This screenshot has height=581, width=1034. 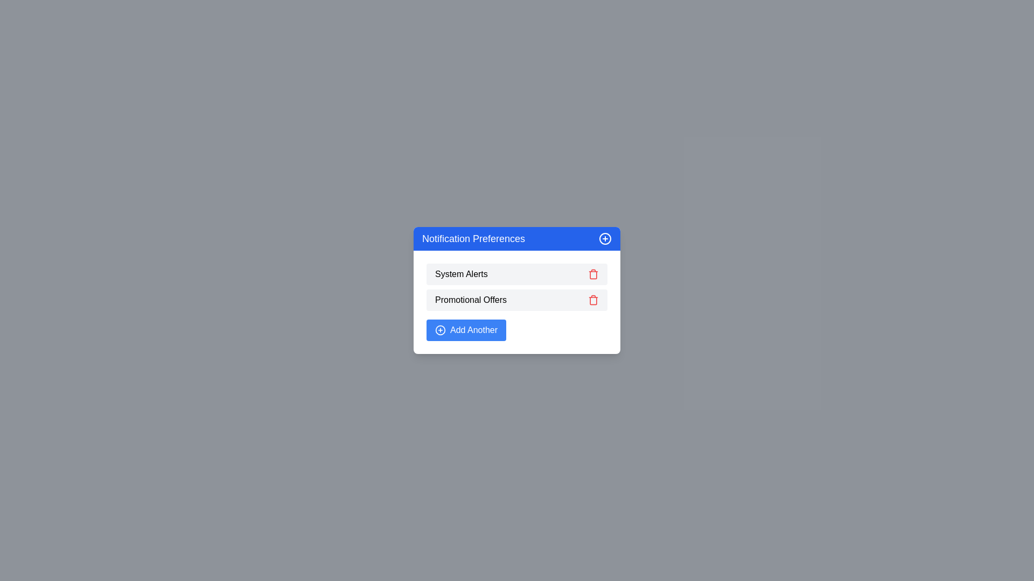 What do you see at coordinates (605, 238) in the screenshot?
I see `the circular plus button with a blue background located in the top-right corner of the header section labeled 'Notification Preferences'` at bounding box center [605, 238].